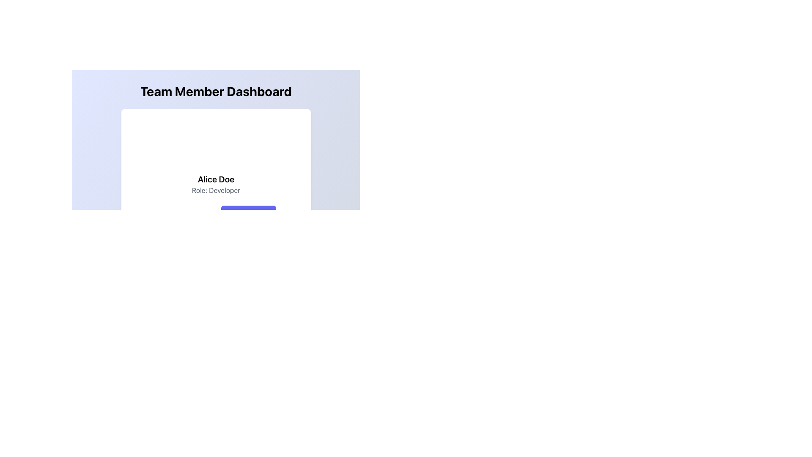 This screenshot has width=812, height=457. Describe the element at coordinates (216, 179) in the screenshot. I see `the text label 'Alice Doe'` at that location.